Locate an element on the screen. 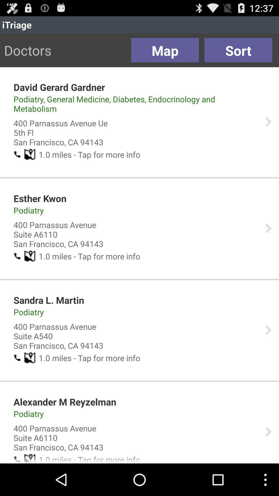 Image resolution: width=279 pixels, height=496 pixels. the esther kwon is located at coordinates (40, 198).